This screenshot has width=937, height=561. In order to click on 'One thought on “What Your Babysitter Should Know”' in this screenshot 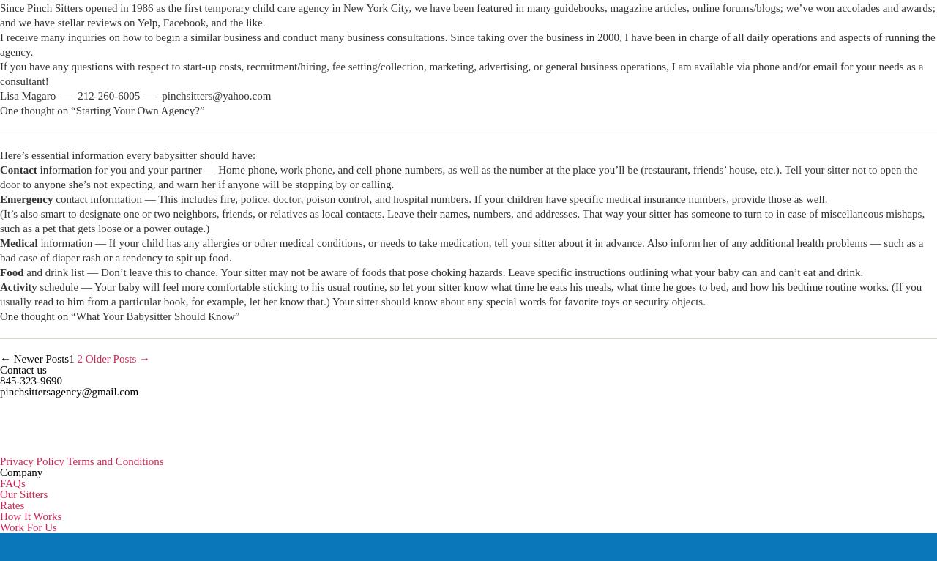, I will do `click(119, 316)`.